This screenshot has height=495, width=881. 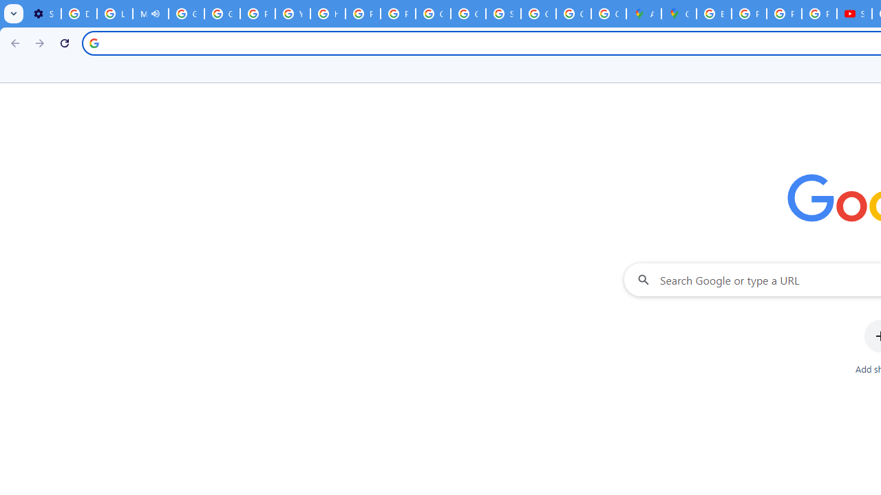 I want to click on 'Learn how to find your photos - Google Photos Help', so click(x=115, y=14).